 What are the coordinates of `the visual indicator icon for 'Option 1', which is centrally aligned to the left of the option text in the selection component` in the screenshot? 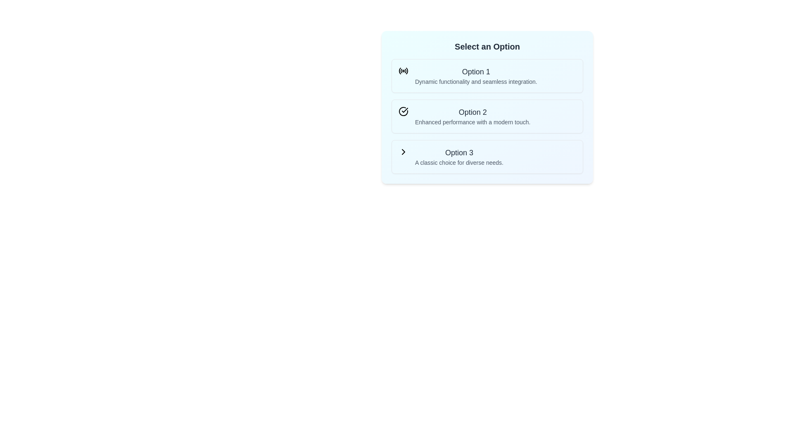 It's located at (404, 71).